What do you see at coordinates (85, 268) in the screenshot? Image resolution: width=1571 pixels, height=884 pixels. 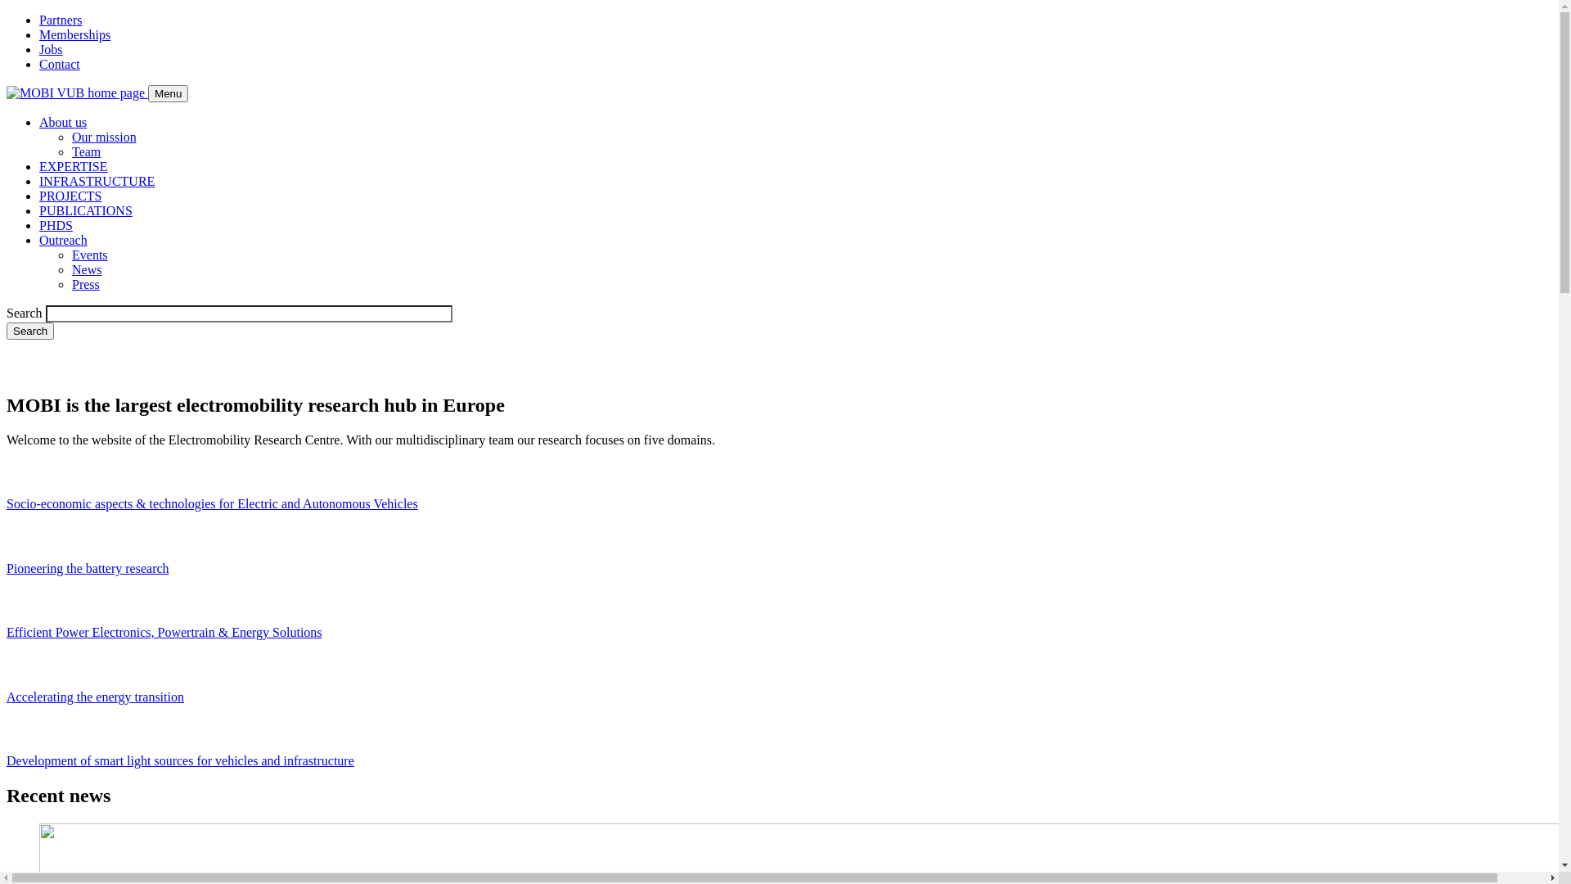 I see `'News'` at bounding box center [85, 268].